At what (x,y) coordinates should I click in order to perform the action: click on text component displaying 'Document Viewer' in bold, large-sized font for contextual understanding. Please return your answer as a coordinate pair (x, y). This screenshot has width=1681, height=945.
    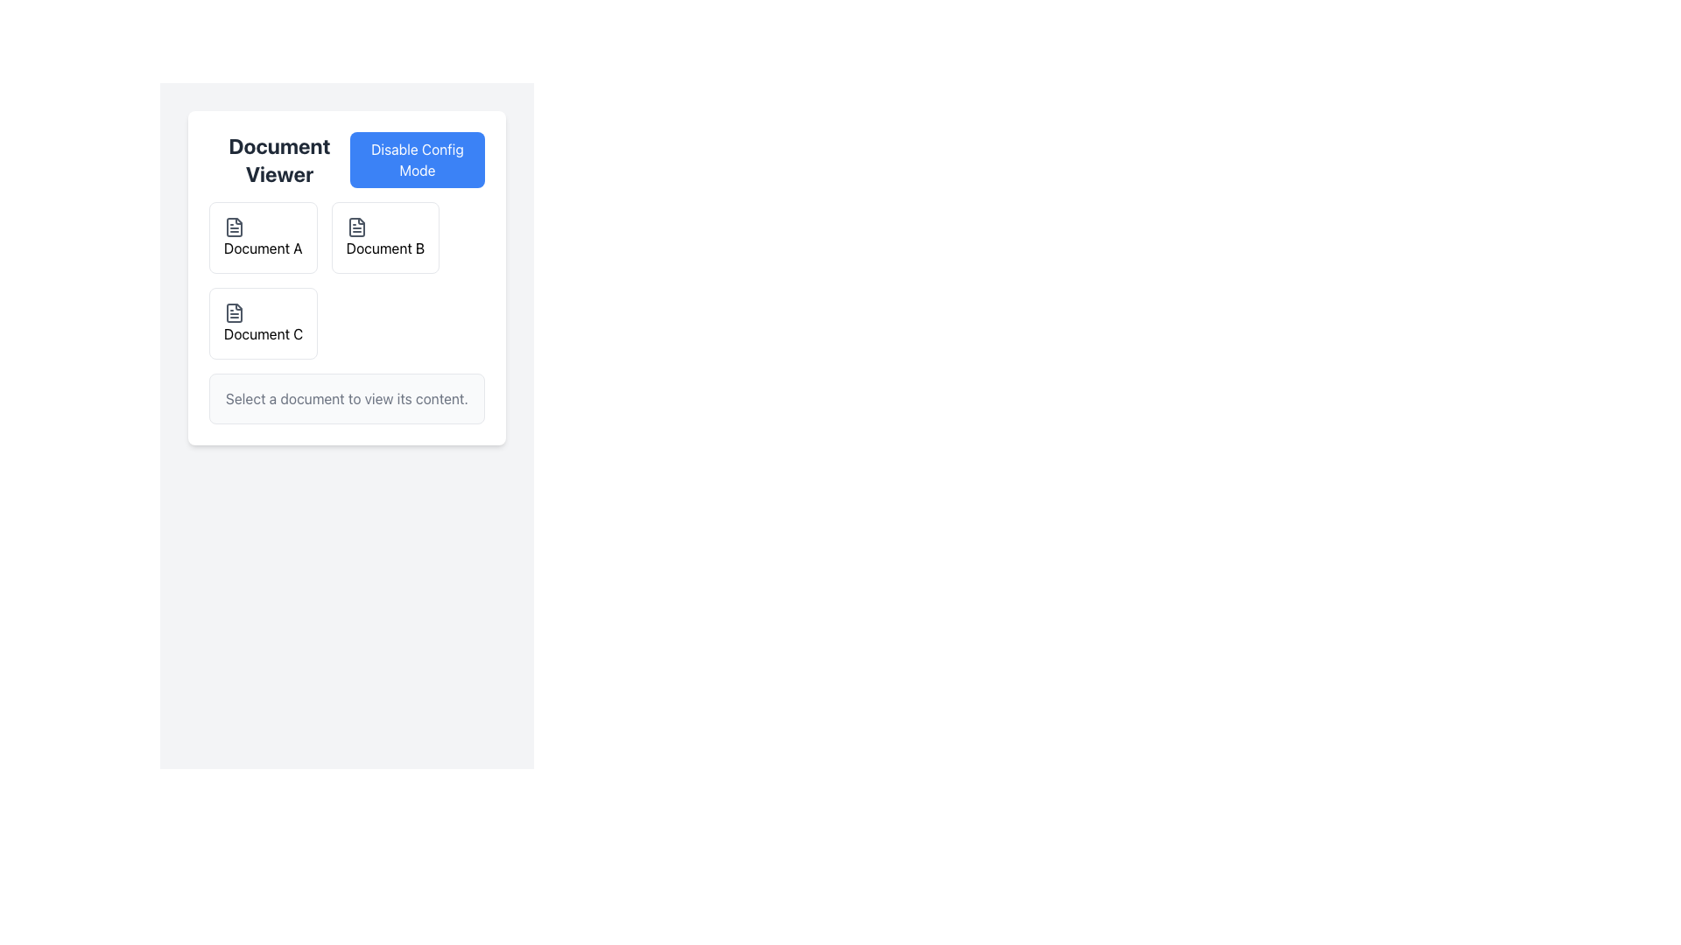
    Looking at the image, I should click on (278, 159).